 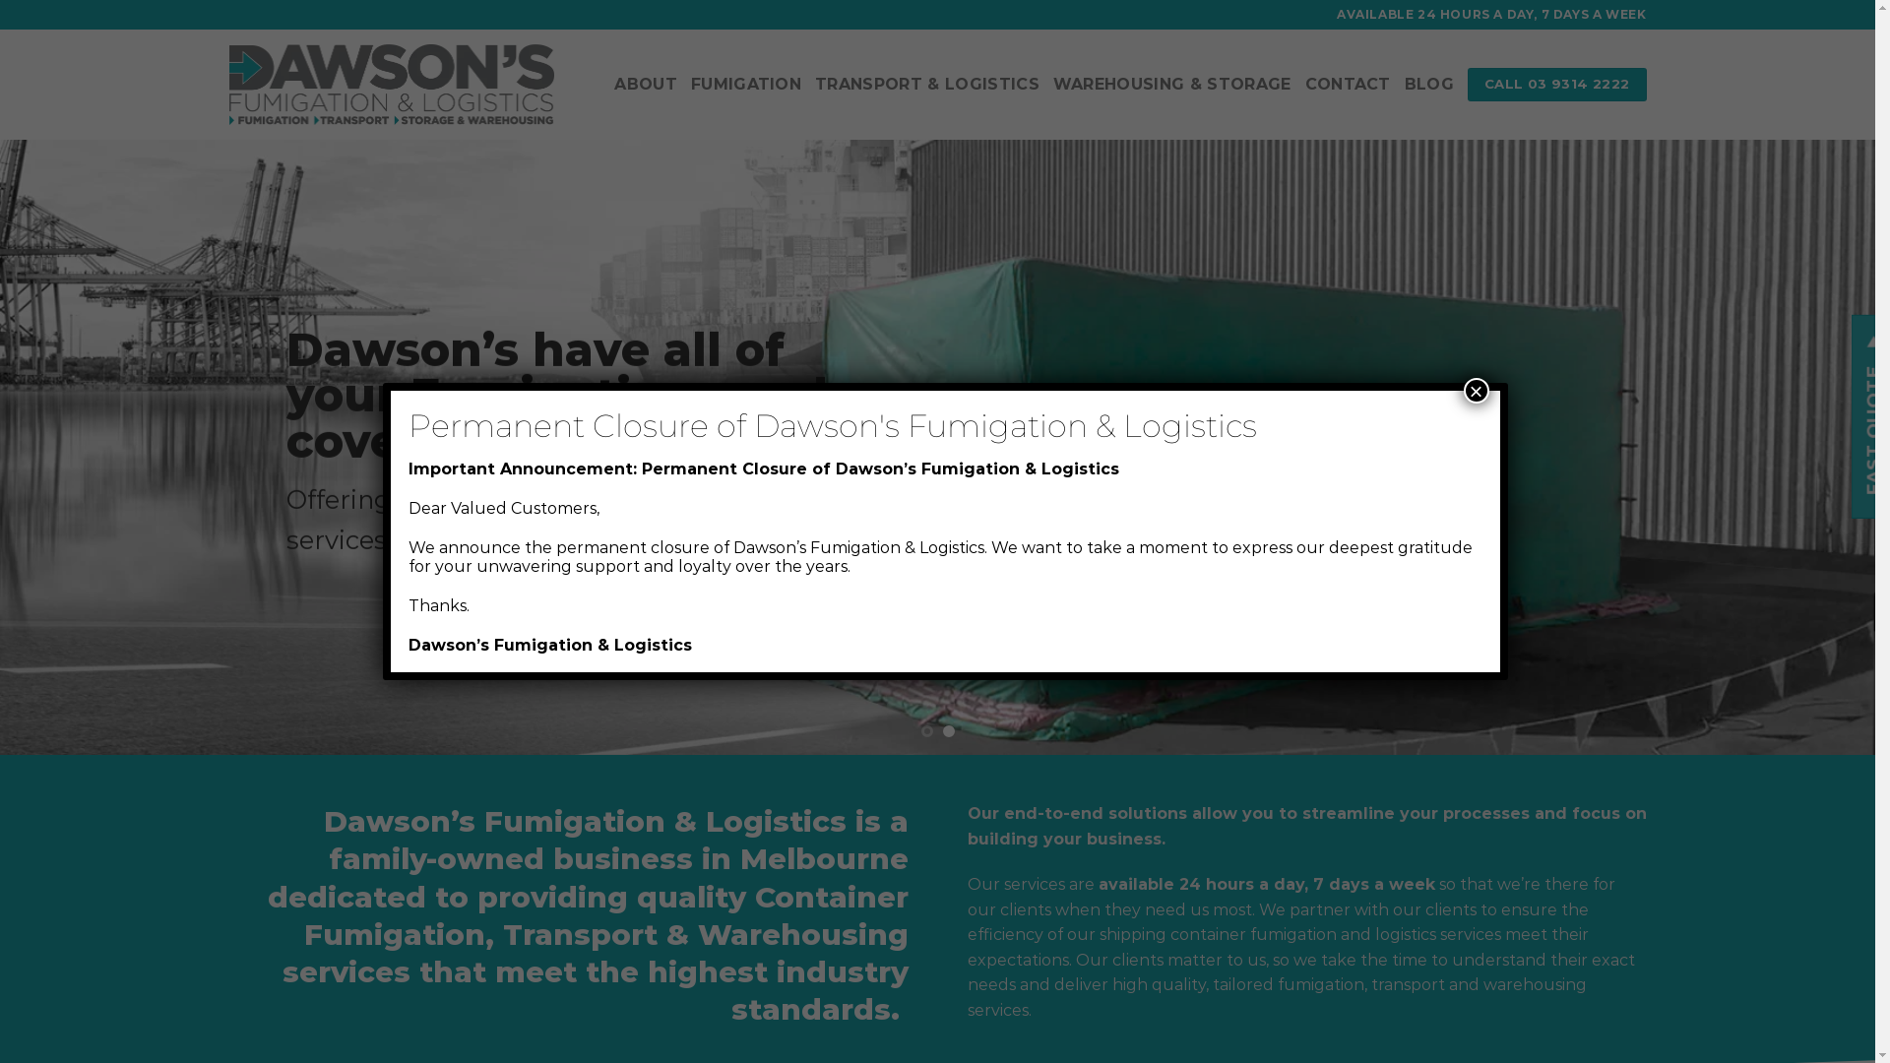 I want to click on 'WAREHOUSING & STORAGE', so click(x=1171, y=83).